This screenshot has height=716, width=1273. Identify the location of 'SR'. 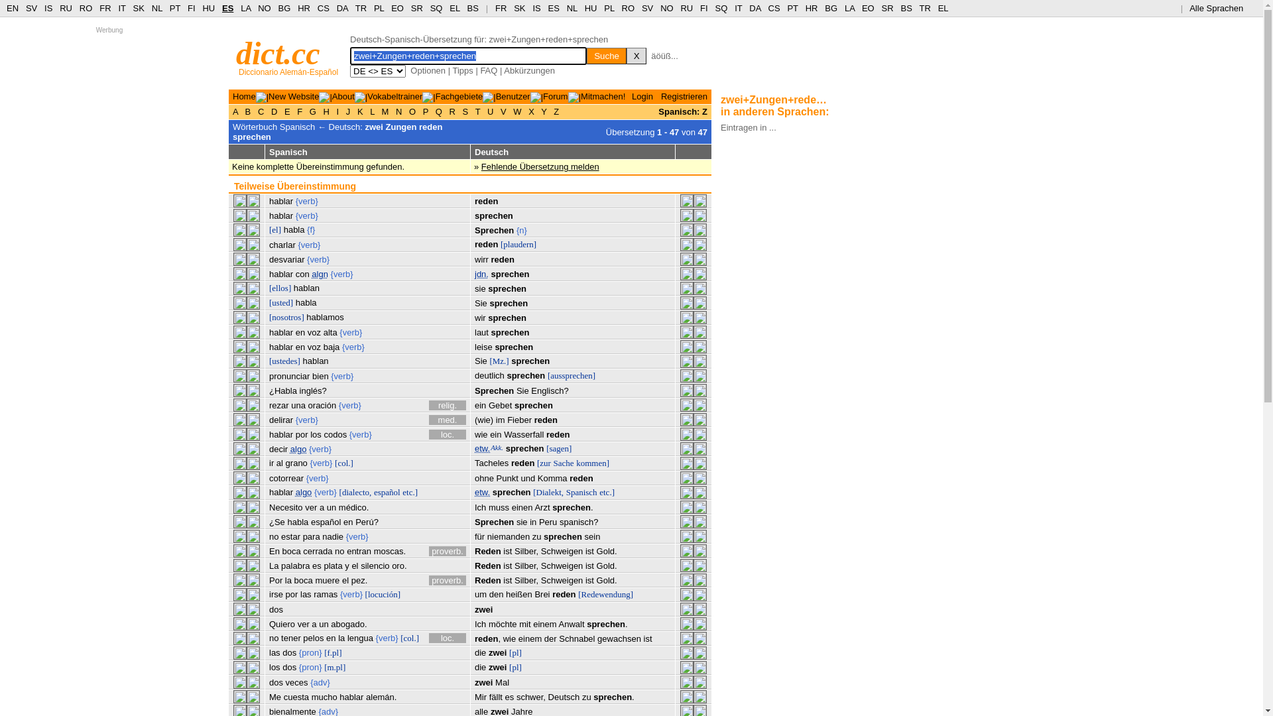
(888, 8).